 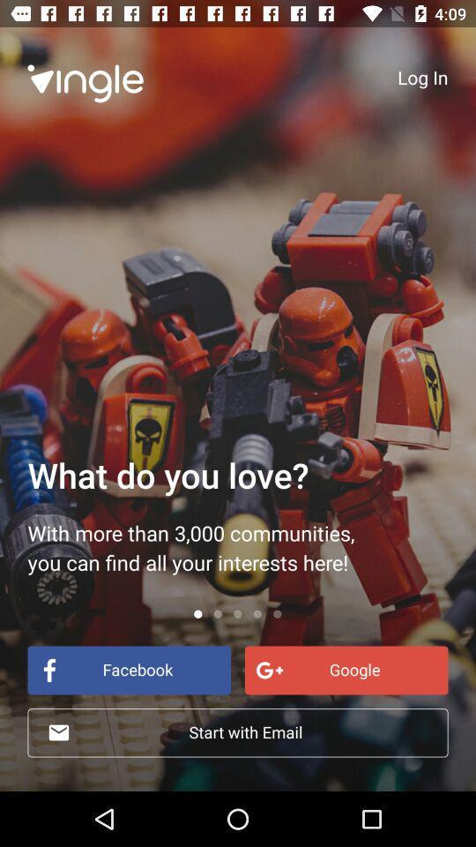 What do you see at coordinates (421, 77) in the screenshot?
I see `the log in` at bounding box center [421, 77].